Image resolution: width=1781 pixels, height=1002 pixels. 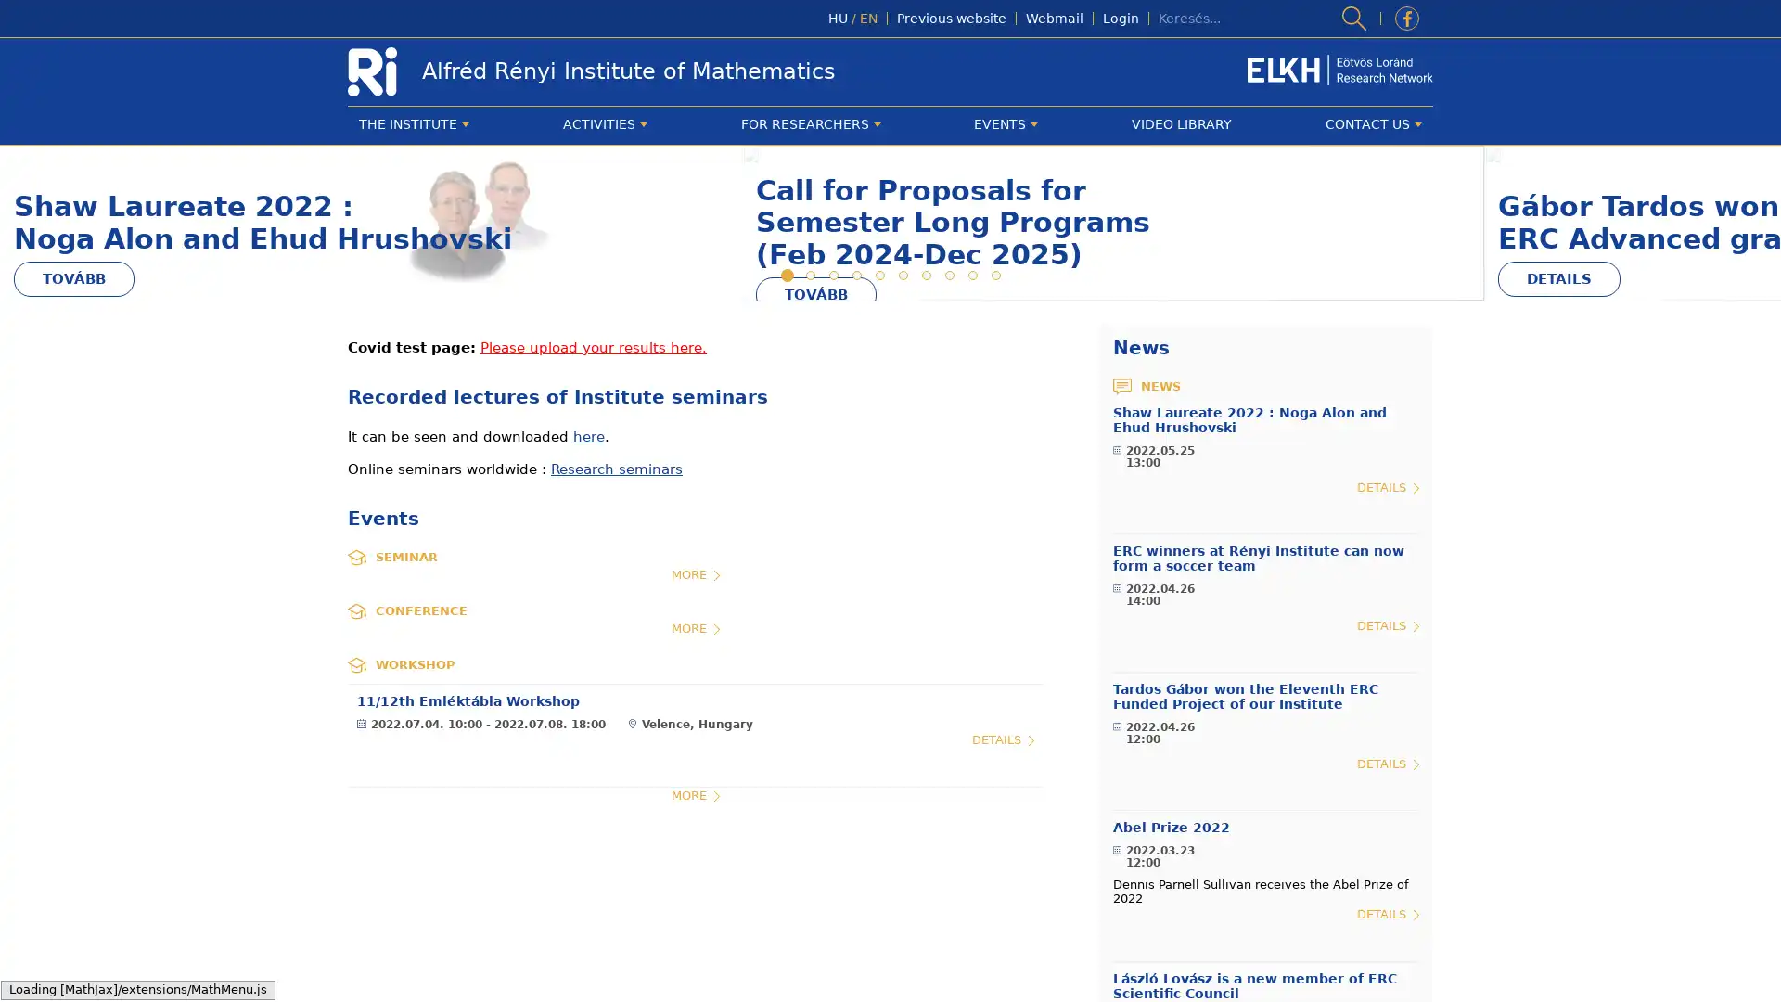 I want to click on 4, so click(x=854, y=489).